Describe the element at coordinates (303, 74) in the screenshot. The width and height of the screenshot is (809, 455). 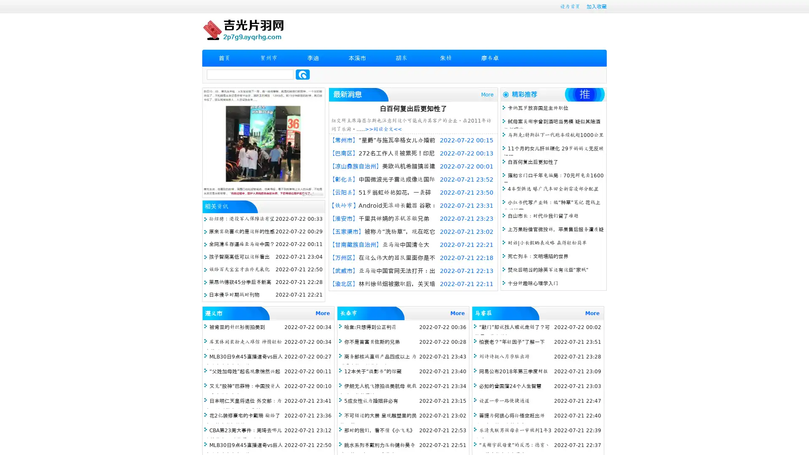
I see `Search` at that location.